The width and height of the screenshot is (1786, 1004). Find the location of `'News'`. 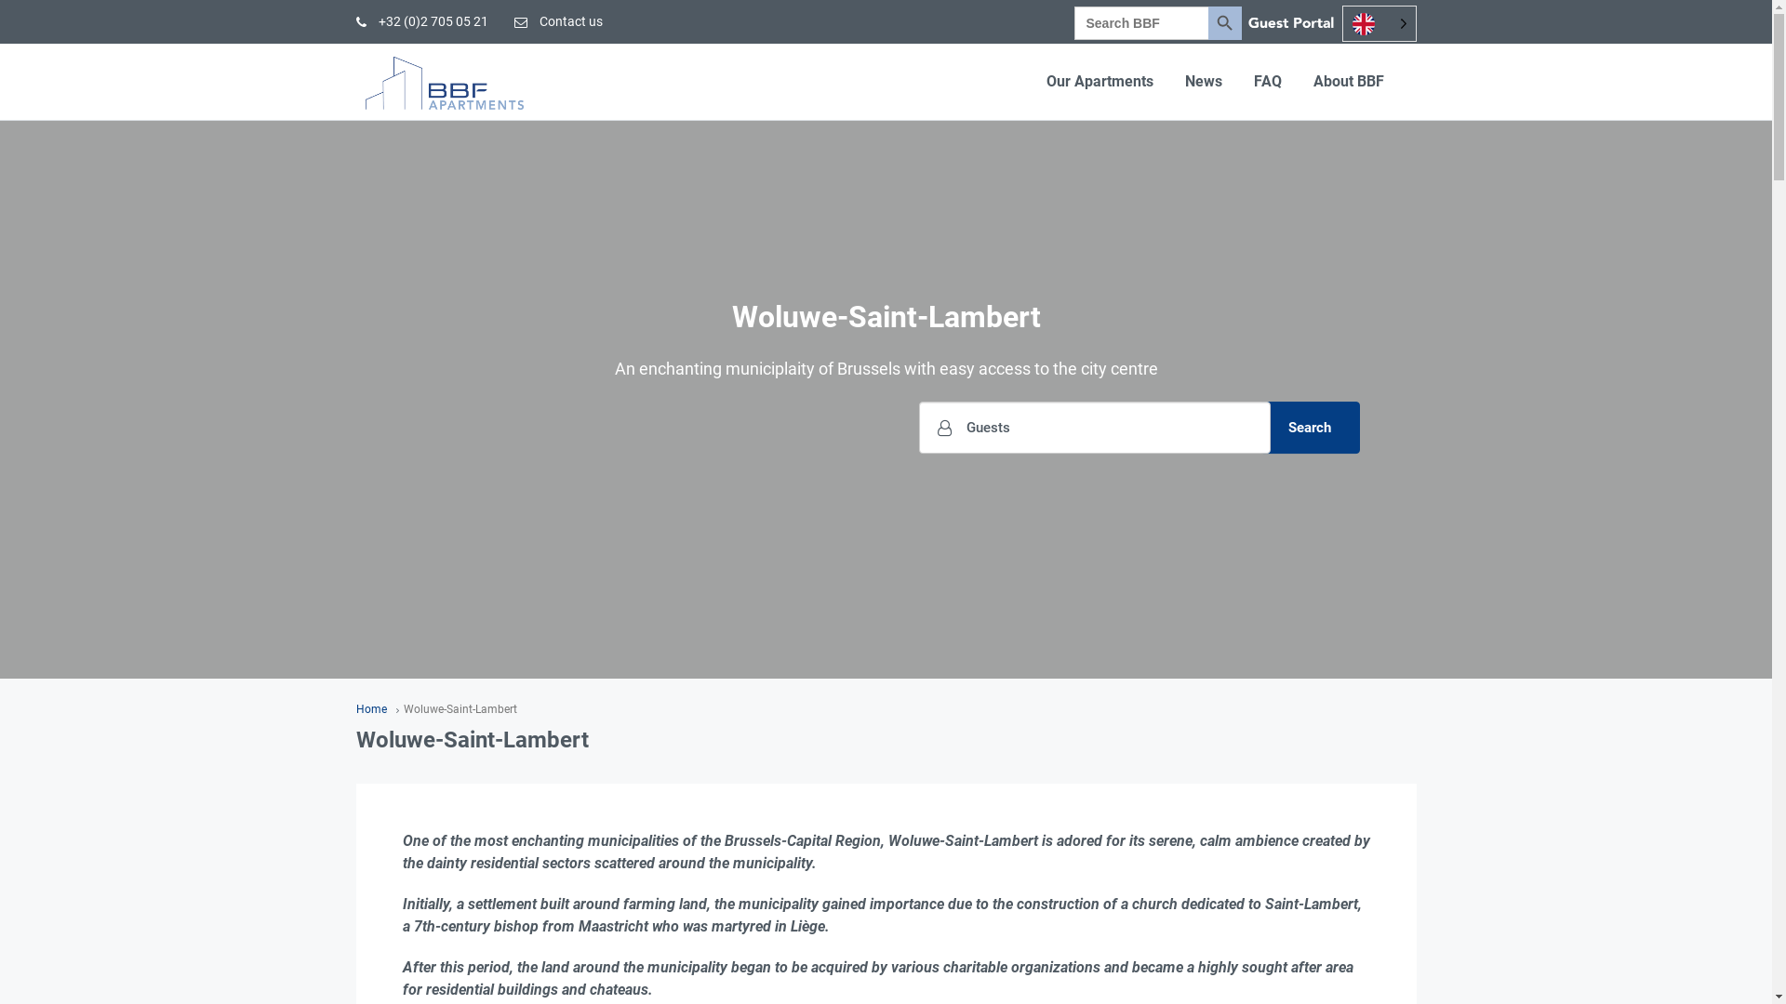

'News' is located at coordinates (1202, 81).